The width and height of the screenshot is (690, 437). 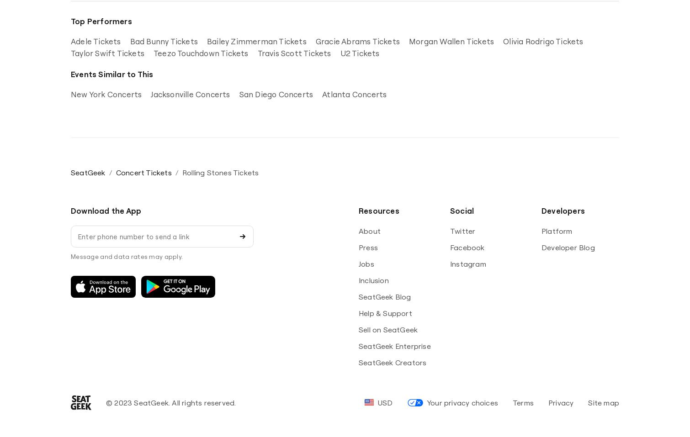 I want to click on 'Taylor Swift Tickets', so click(x=107, y=53).